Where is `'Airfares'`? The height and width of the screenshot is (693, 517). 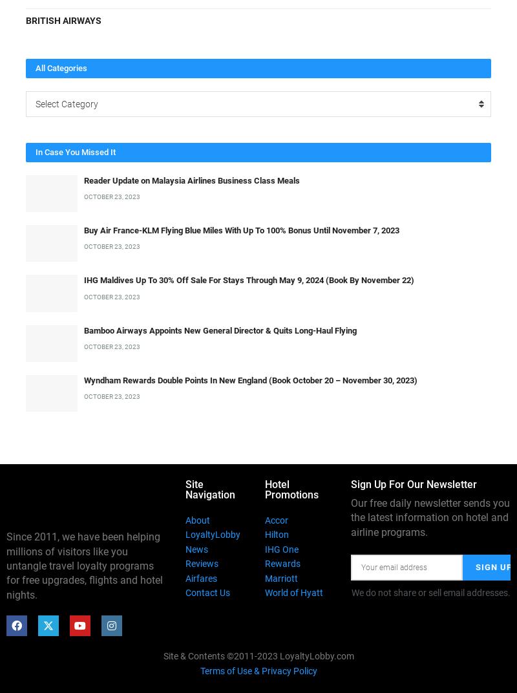
'Airfares' is located at coordinates (200, 578).